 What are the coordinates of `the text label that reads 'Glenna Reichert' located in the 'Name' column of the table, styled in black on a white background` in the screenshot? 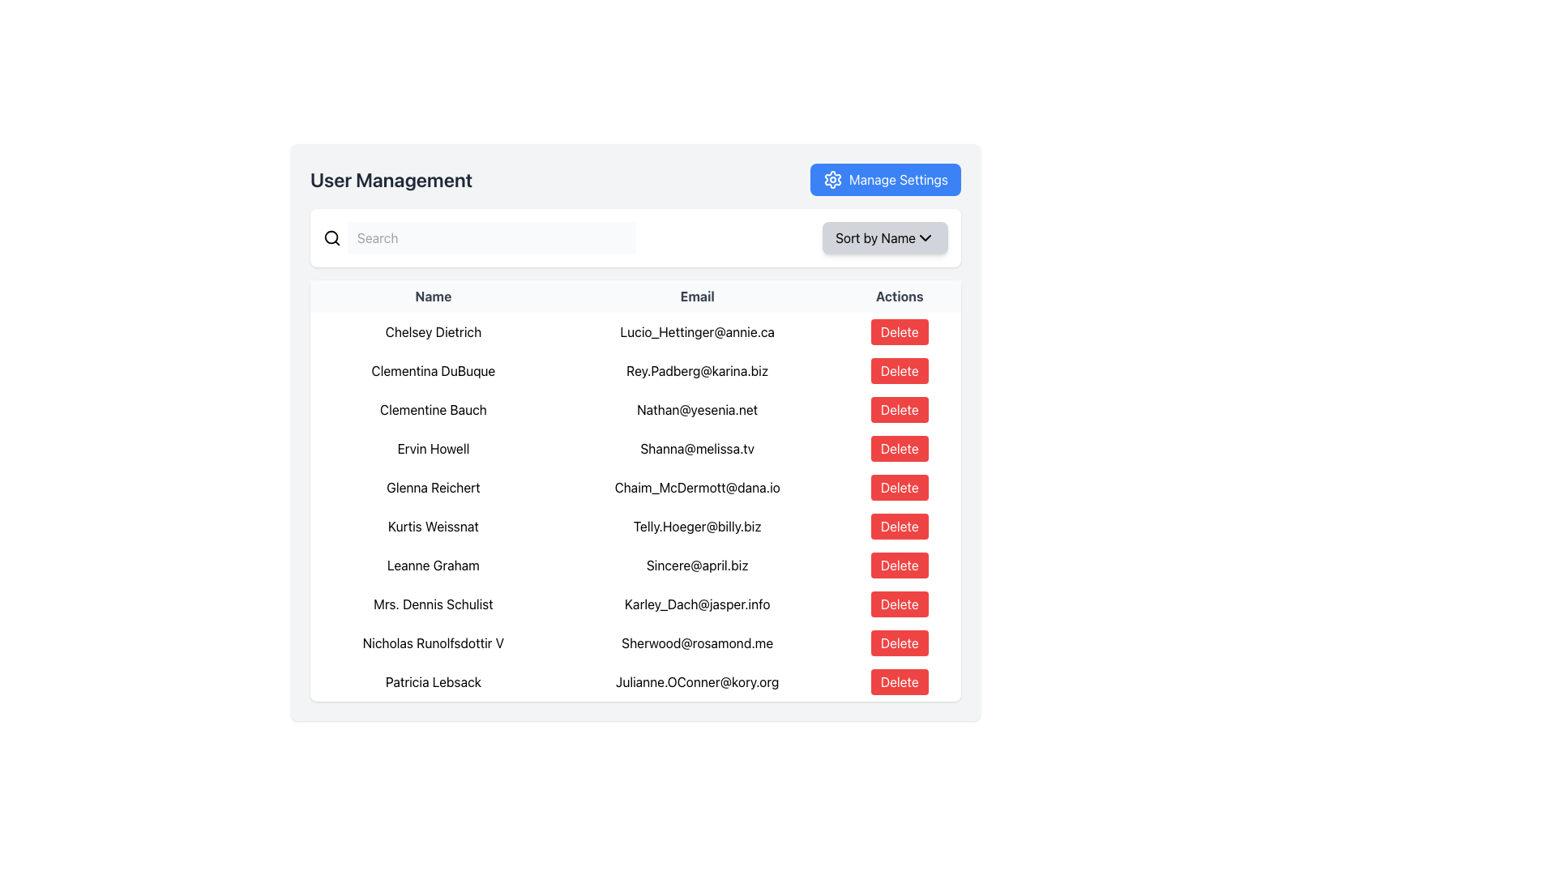 It's located at (433, 486).